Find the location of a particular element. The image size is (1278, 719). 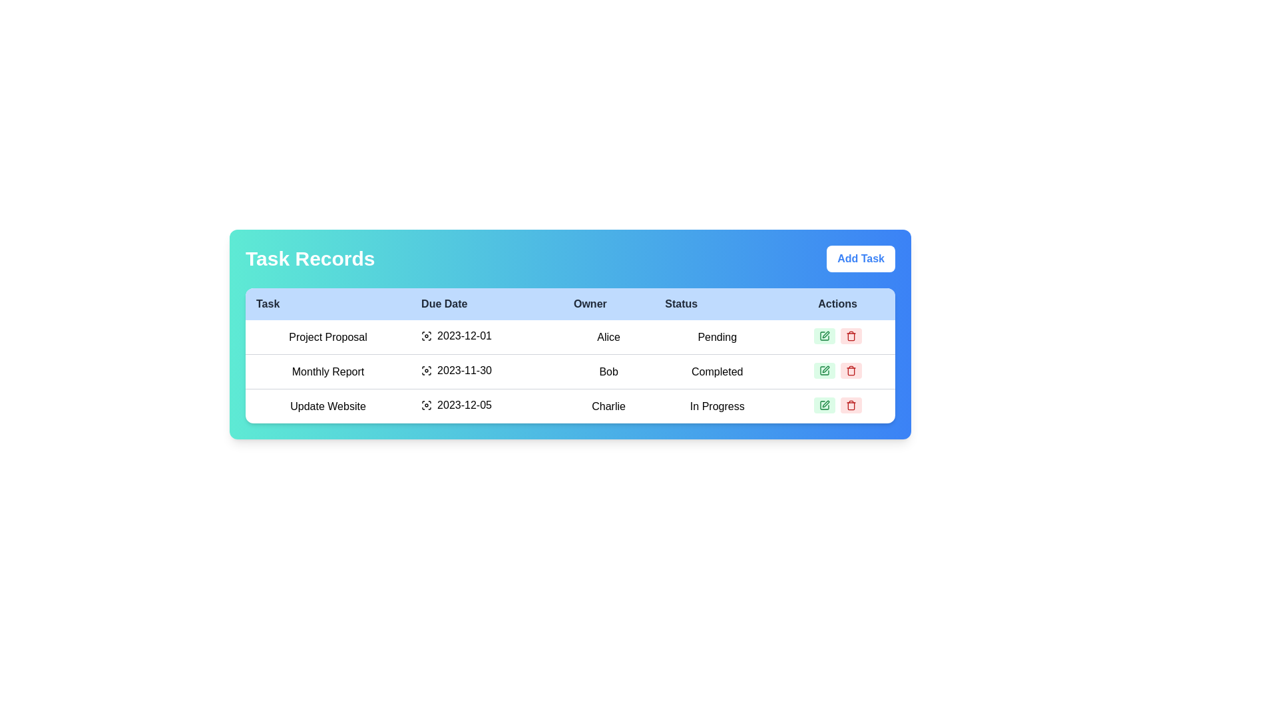

text content of the due date display for the 'Update Website' task, located in the third row under the 'Due Date' header is located at coordinates (486, 405).